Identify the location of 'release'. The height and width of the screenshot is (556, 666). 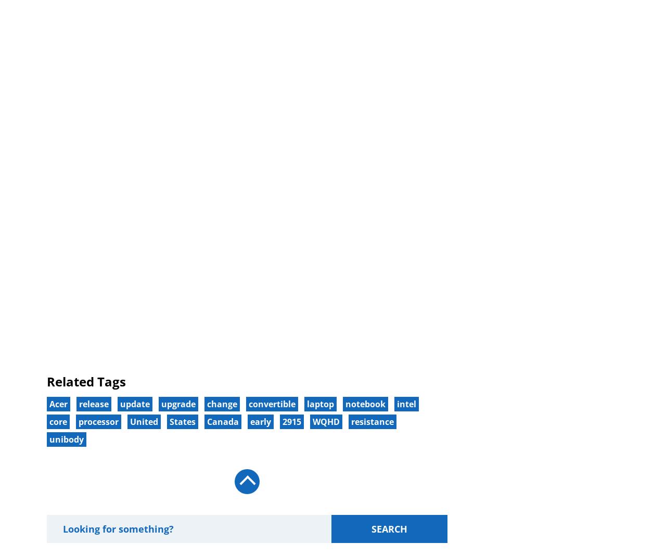
(94, 403).